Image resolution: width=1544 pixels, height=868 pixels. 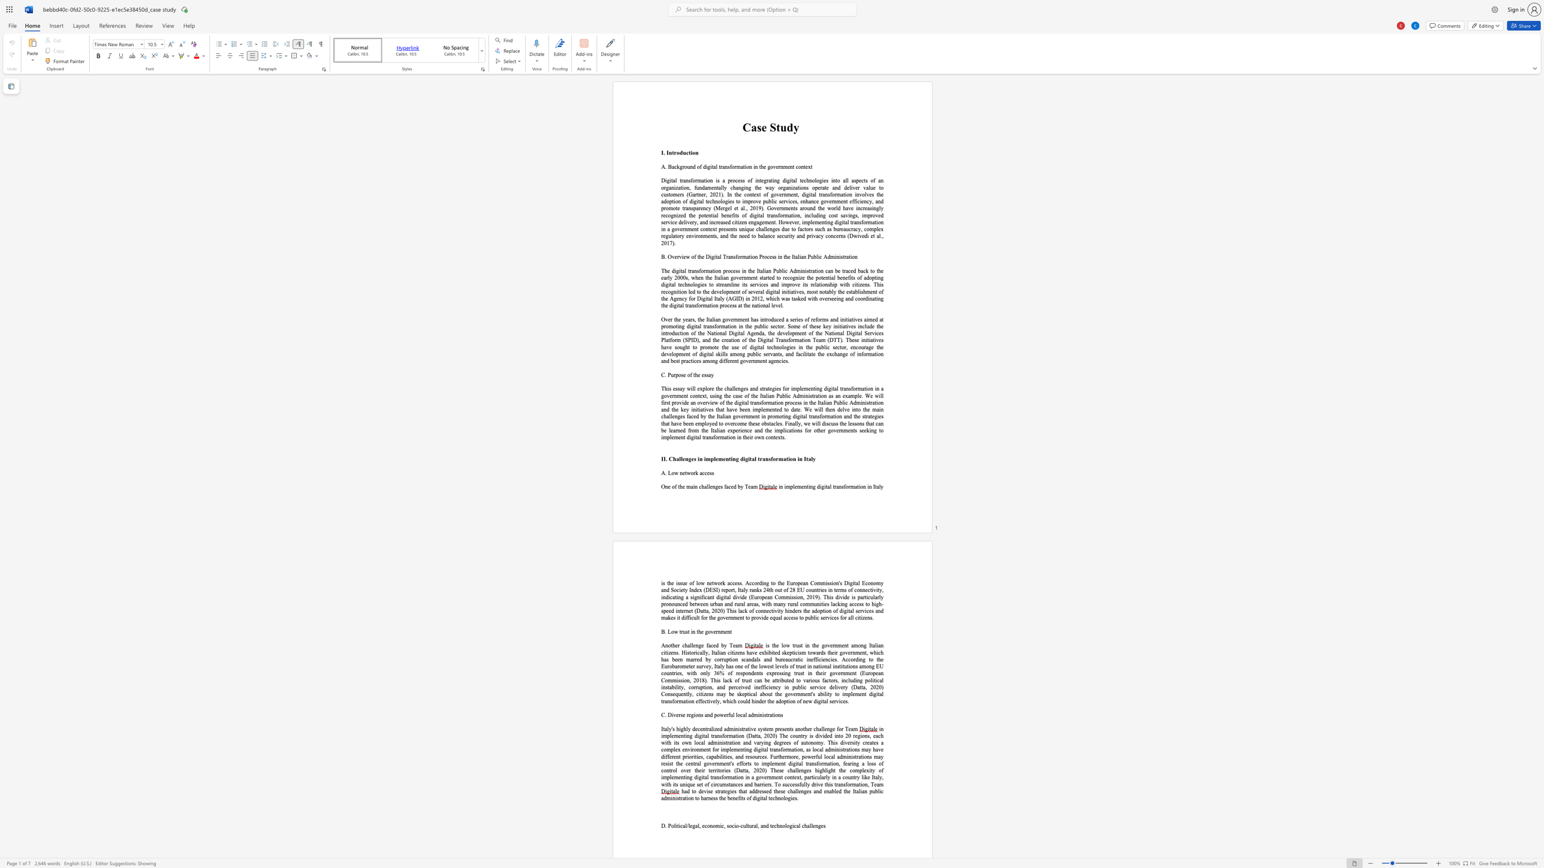 What do you see at coordinates (681, 472) in the screenshot?
I see `the 1th character "n" in the text` at bounding box center [681, 472].